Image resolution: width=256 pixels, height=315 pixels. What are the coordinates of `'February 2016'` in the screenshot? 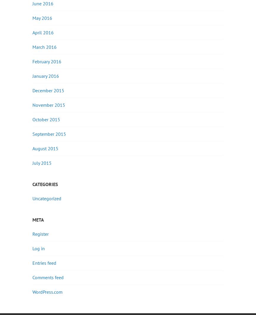 It's located at (47, 61).